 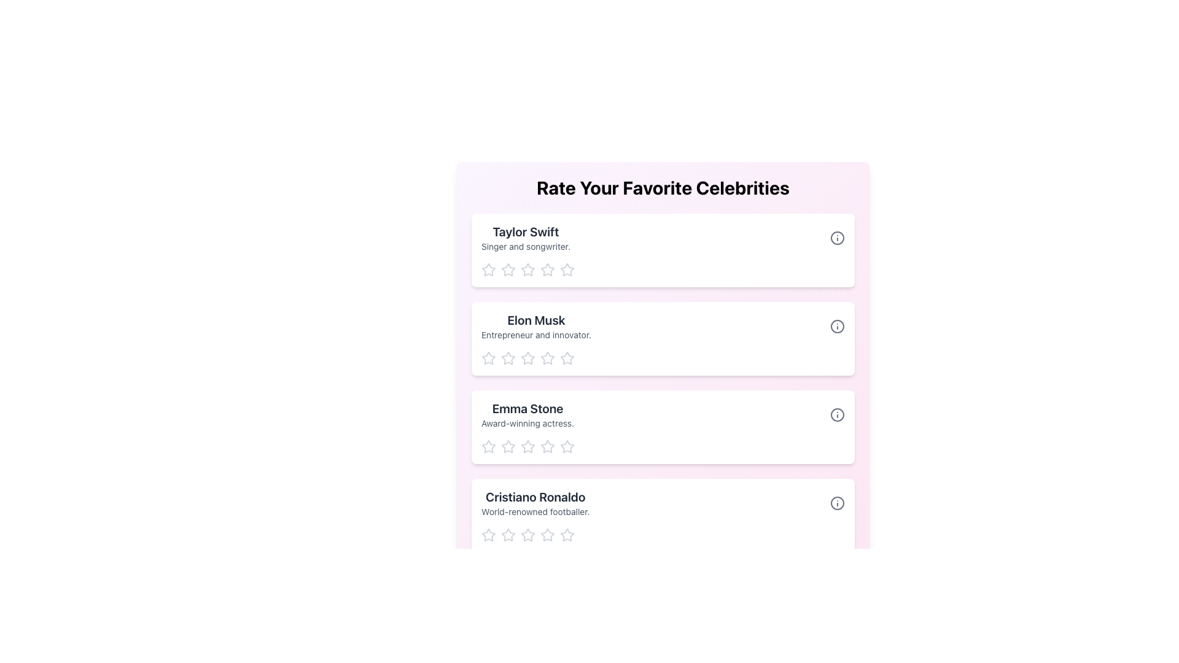 I want to click on the third star icon in the 5-star rating system for Emma Stone to give a rating, so click(x=527, y=446).